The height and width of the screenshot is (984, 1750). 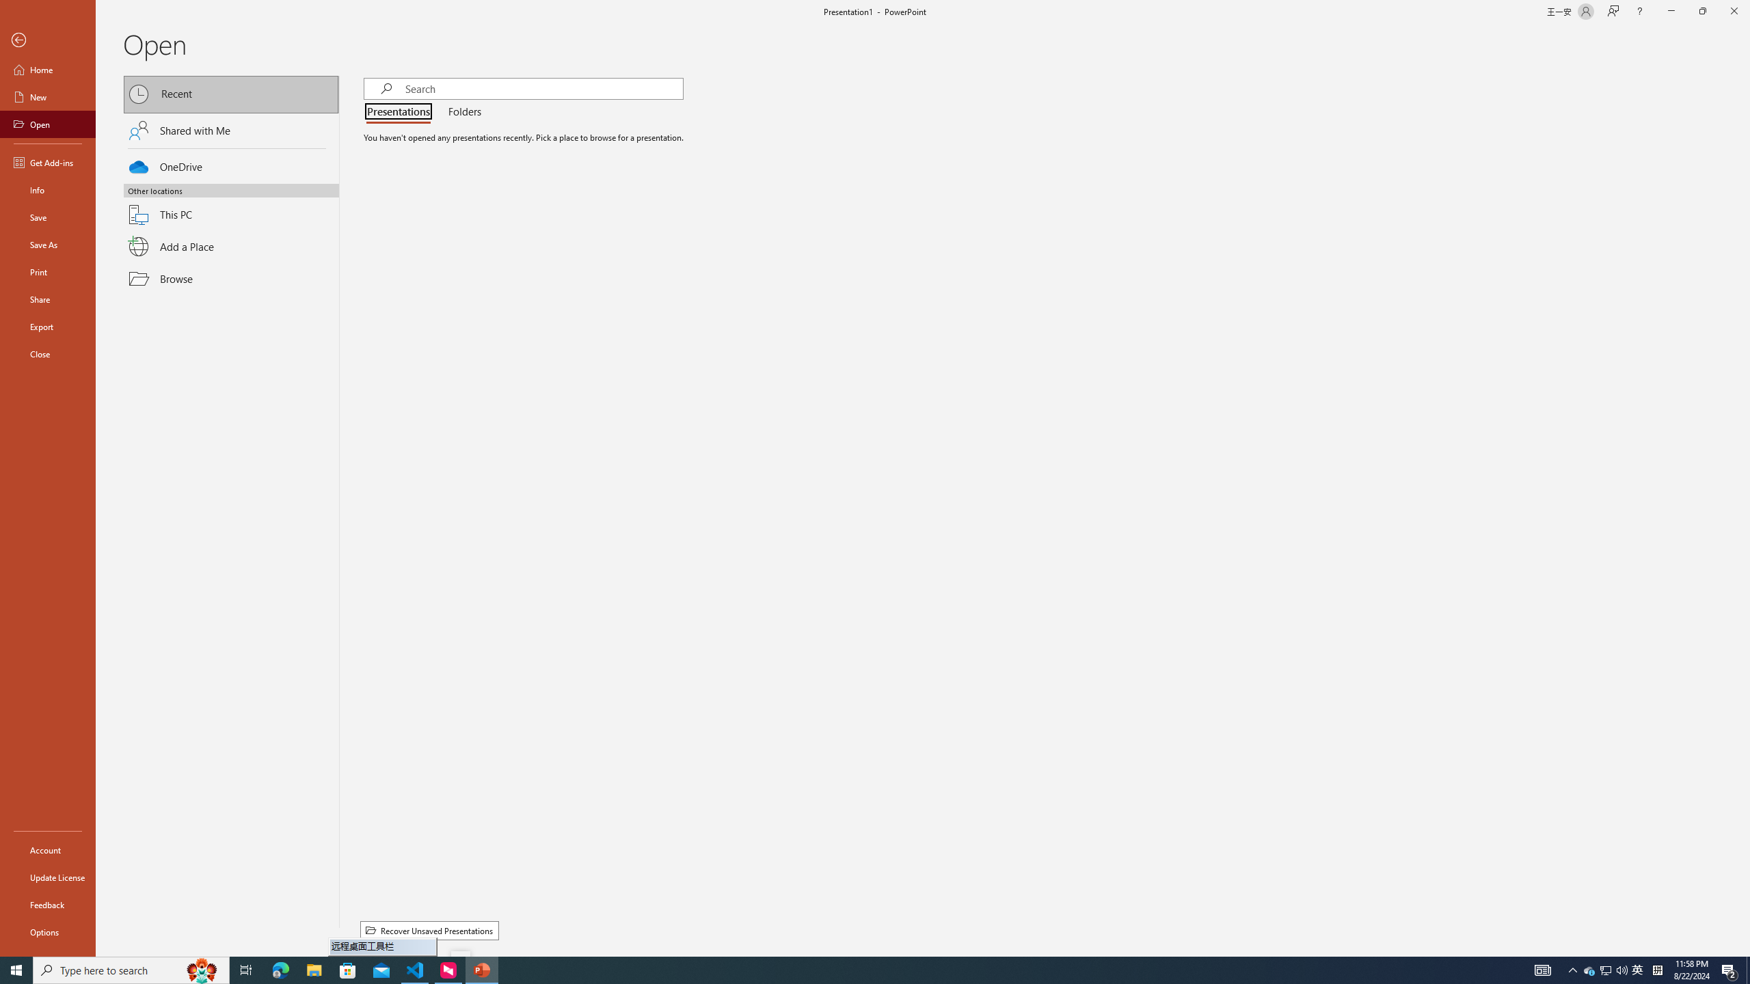 What do you see at coordinates (47, 327) in the screenshot?
I see `'Export'` at bounding box center [47, 327].